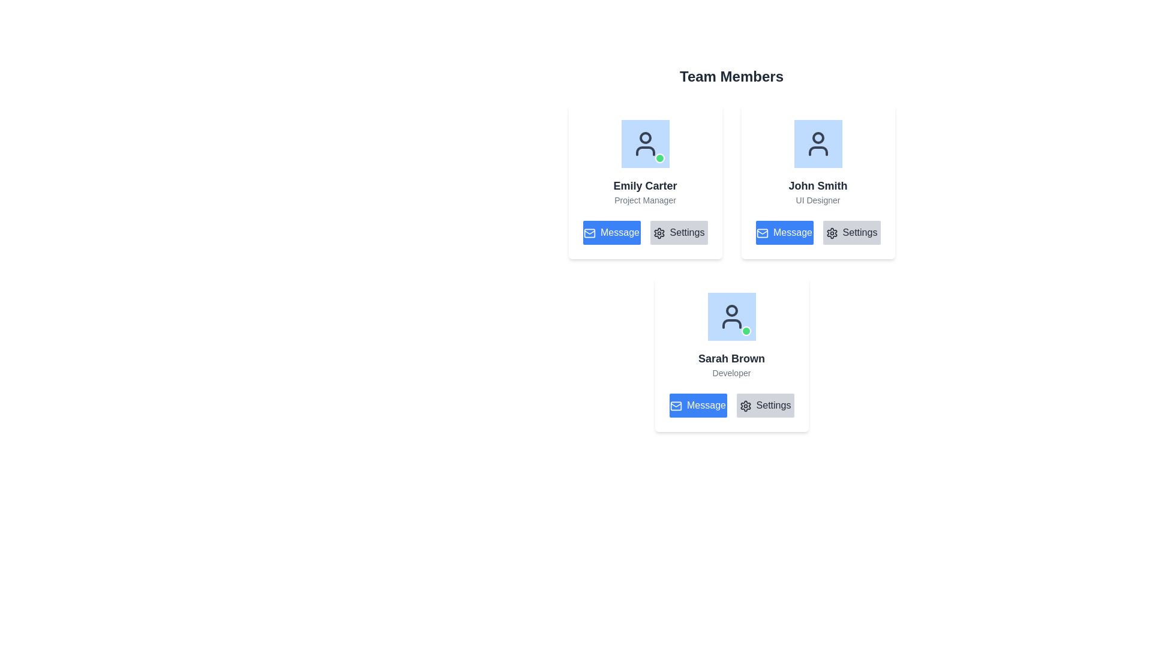 Image resolution: width=1152 pixels, height=648 pixels. I want to click on the text block displaying 'Emily Carter' and the title 'Project Manager' within the first team member profile card, so click(644, 191).